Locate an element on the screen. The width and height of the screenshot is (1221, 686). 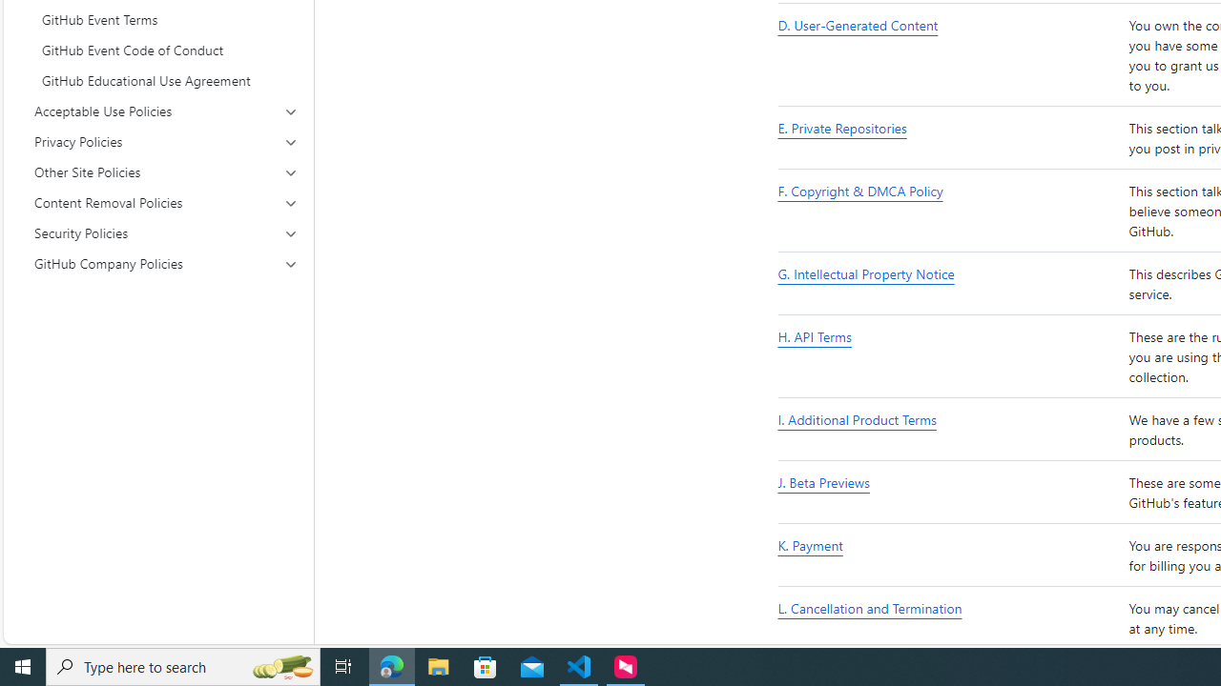
'GitHub Educational Use Agreement' is located at coordinates (166, 79).